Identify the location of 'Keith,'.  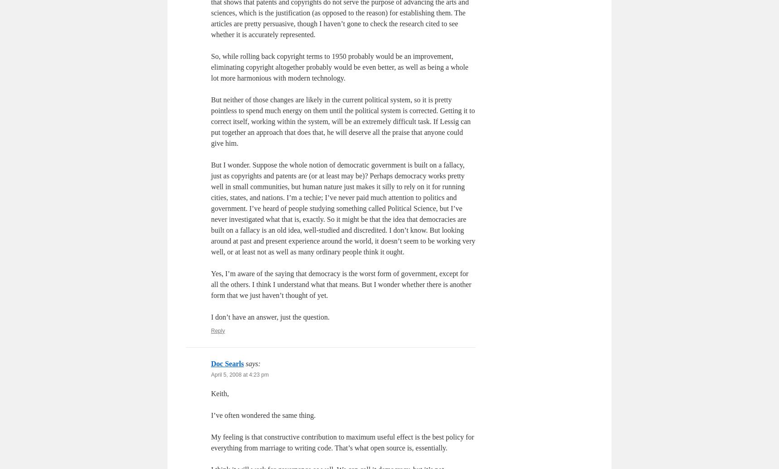
(210, 393).